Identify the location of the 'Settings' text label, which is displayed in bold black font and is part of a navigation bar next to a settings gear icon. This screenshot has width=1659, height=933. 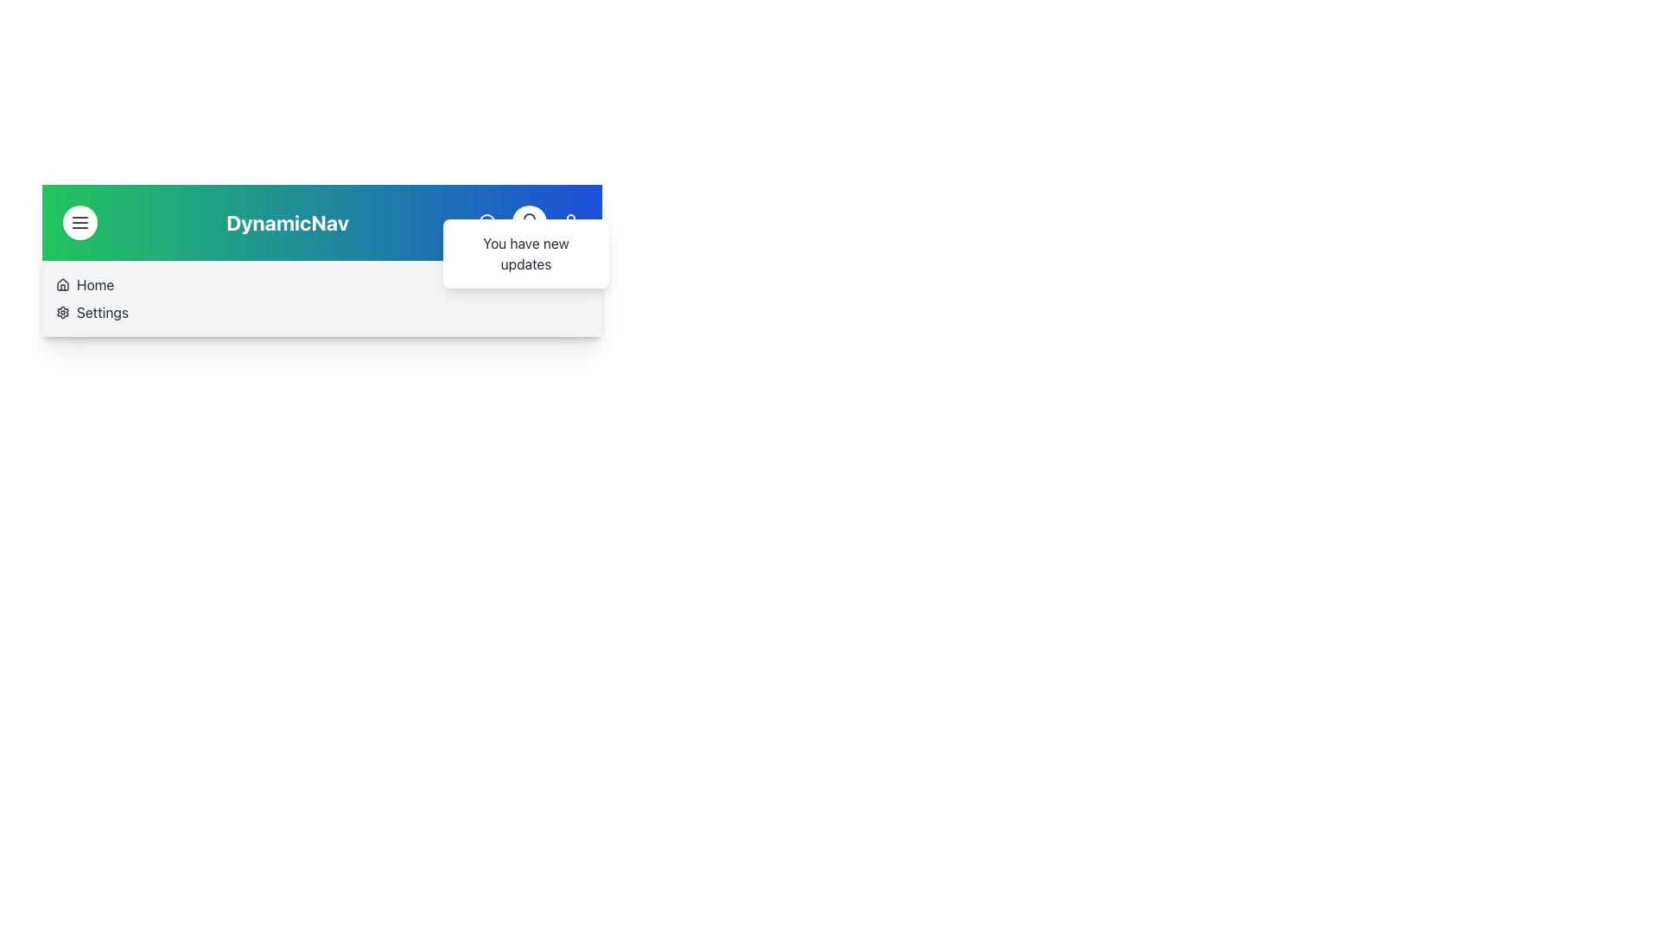
(101, 313).